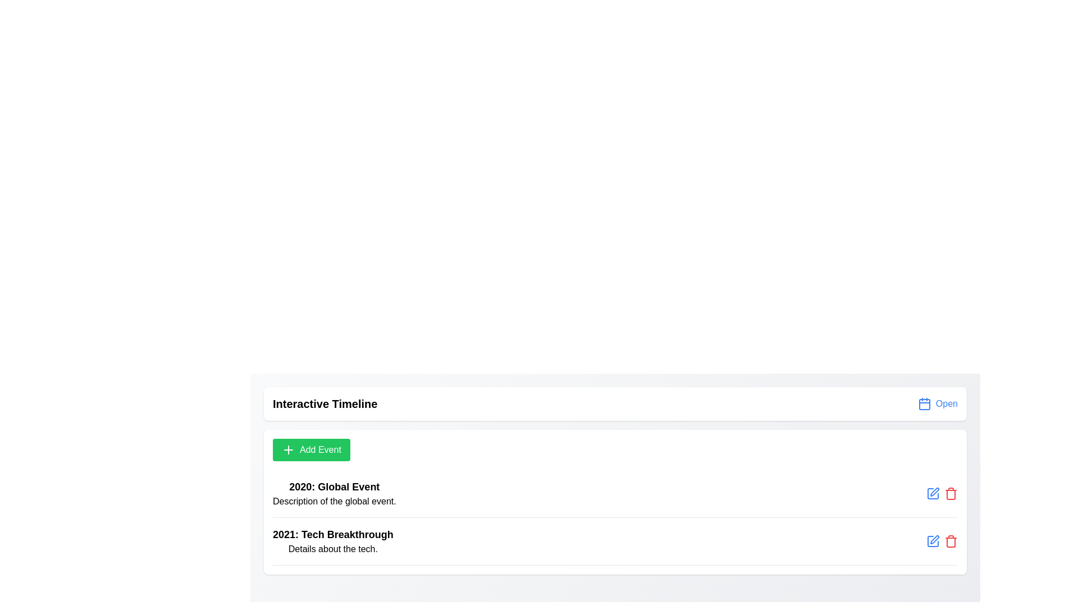 The height and width of the screenshot is (606, 1078). What do you see at coordinates (933, 540) in the screenshot?
I see `'Edit' icon next to the event titled 'Tech Breakthrough' to modify its details` at bounding box center [933, 540].